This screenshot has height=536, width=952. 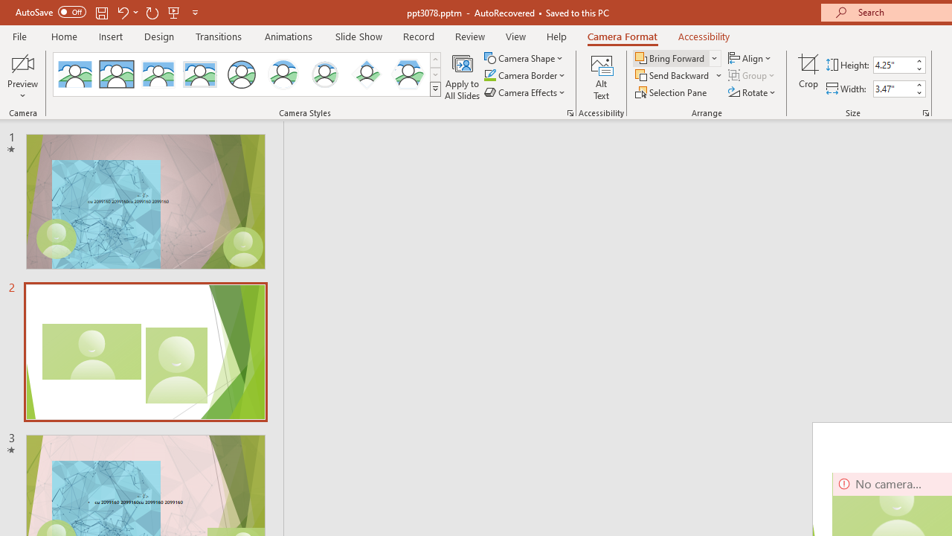 I want to click on 'Center Shadow Circle', so click(x=283, y=74).